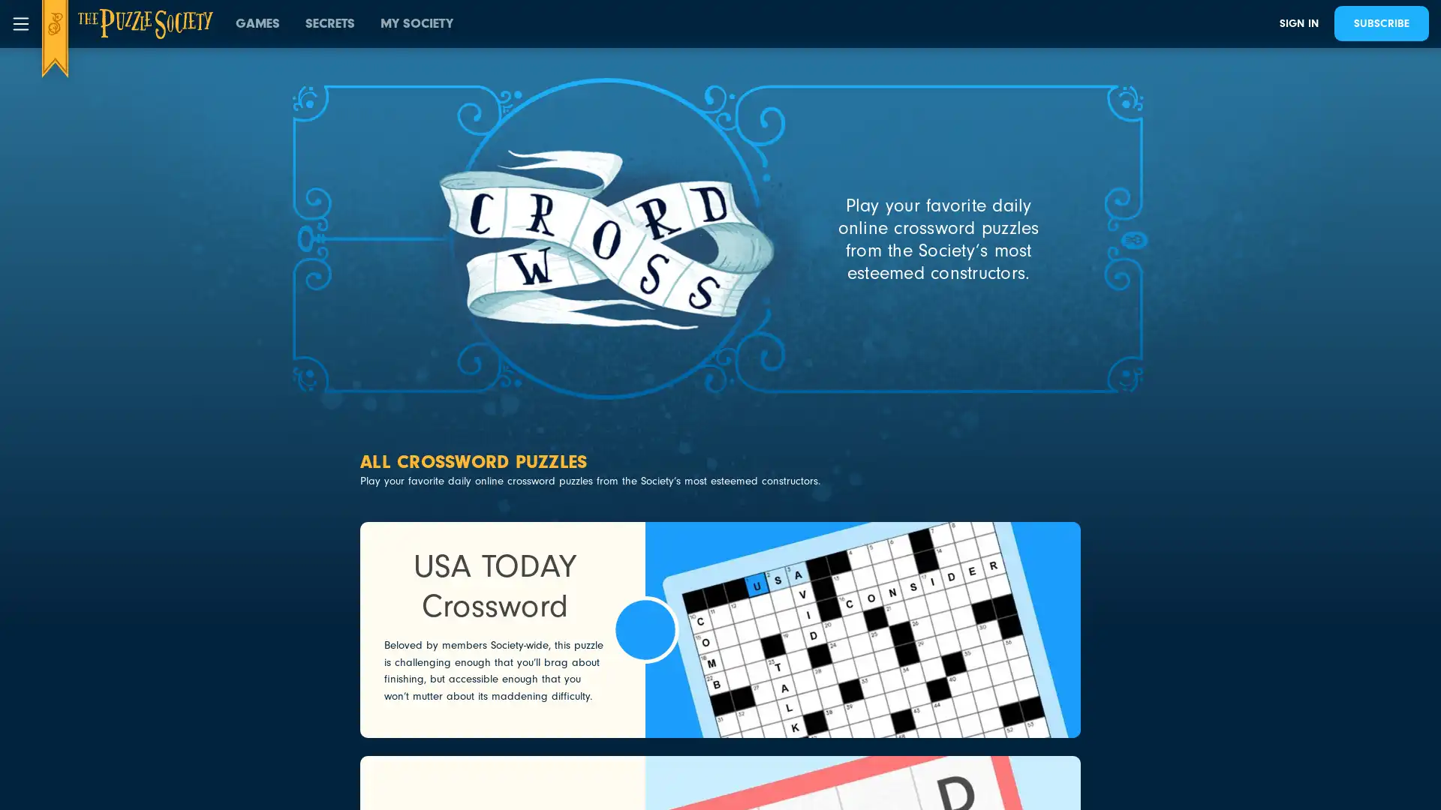  What do you see at coordinates (257, 23) in the screenshot?
I see `GAMES` at bounding box center [257, 23].